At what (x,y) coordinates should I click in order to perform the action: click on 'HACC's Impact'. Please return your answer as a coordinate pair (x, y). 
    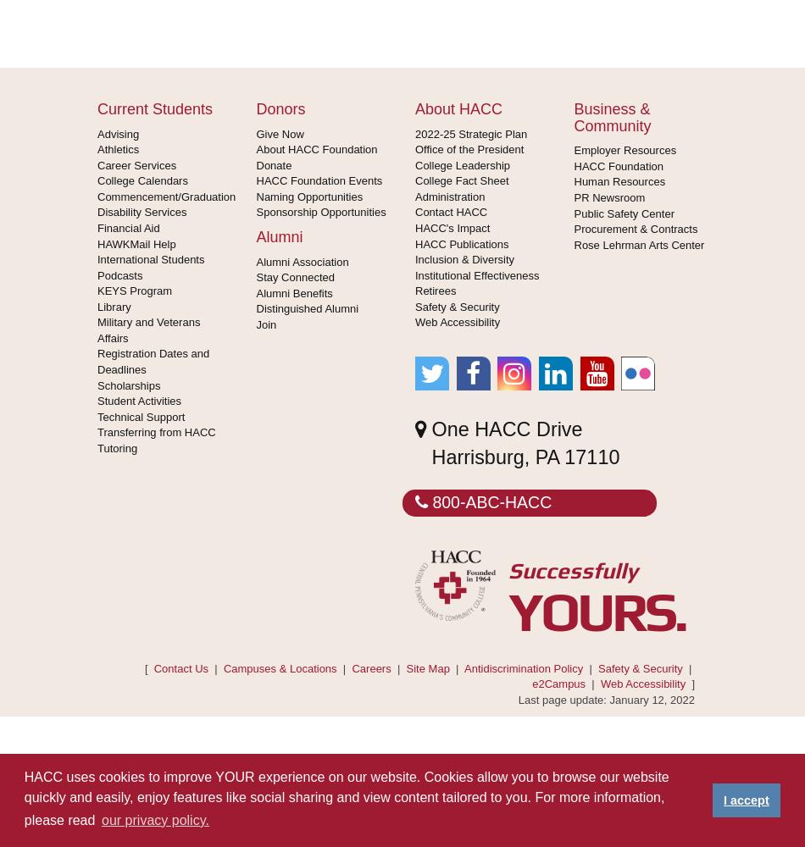
    Looking at the image, I should click on (452, 227).